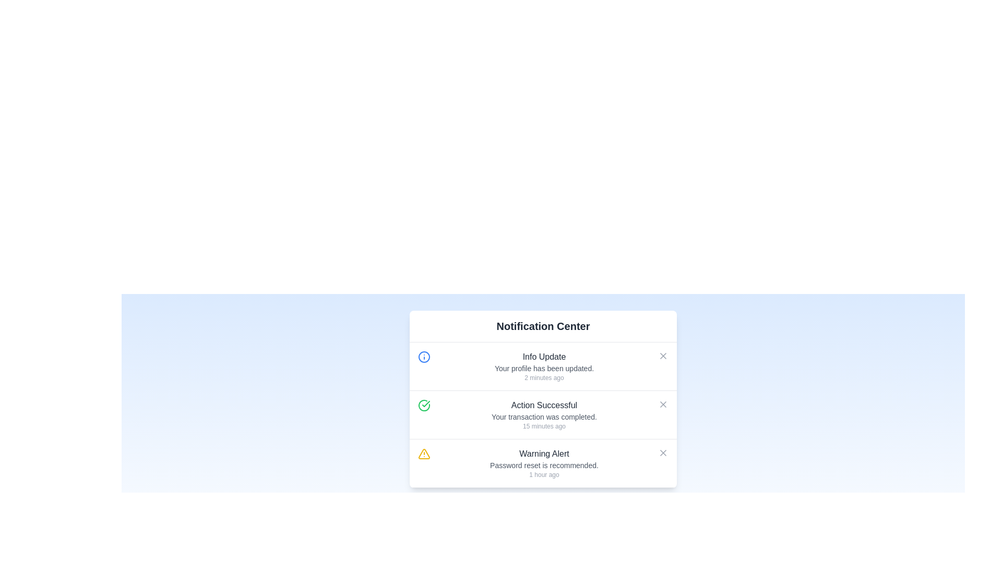 The image size is (1002, 563). Describe the element at coordinates (663, 403) in the screenshot. I see `the close action icon located next to the 'Action Successful' message in the second notification item` at that location.